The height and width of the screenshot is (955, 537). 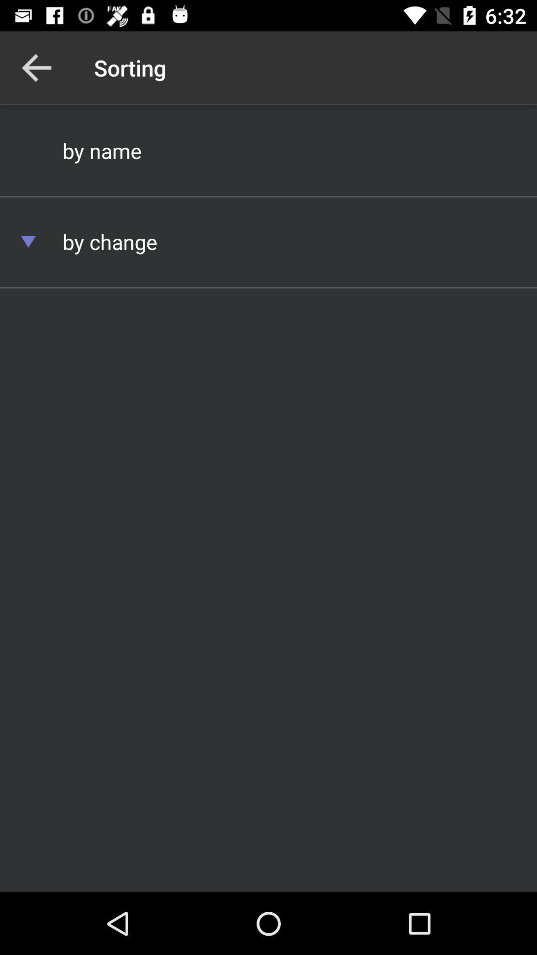 What do you see at coordinates (36, 67) in the screenshot?
I see `the app to the left of sorting app` at bounding box center [36, 67].